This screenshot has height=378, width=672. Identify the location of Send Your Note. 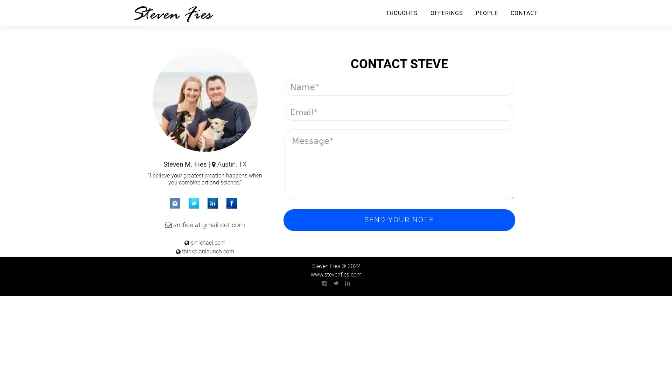
(399, 219).